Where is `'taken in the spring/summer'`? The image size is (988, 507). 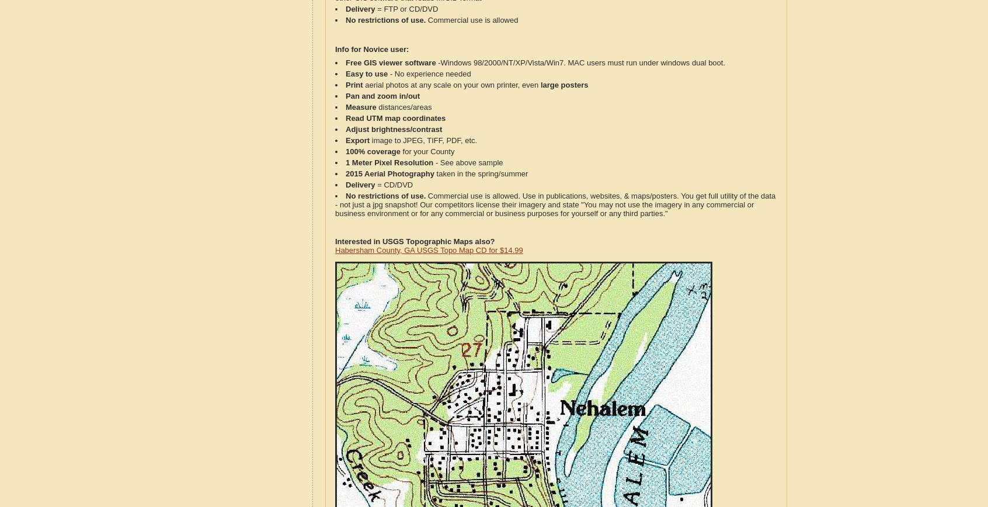
'taken in the spring/summer' is located at coordinates (433, 173).